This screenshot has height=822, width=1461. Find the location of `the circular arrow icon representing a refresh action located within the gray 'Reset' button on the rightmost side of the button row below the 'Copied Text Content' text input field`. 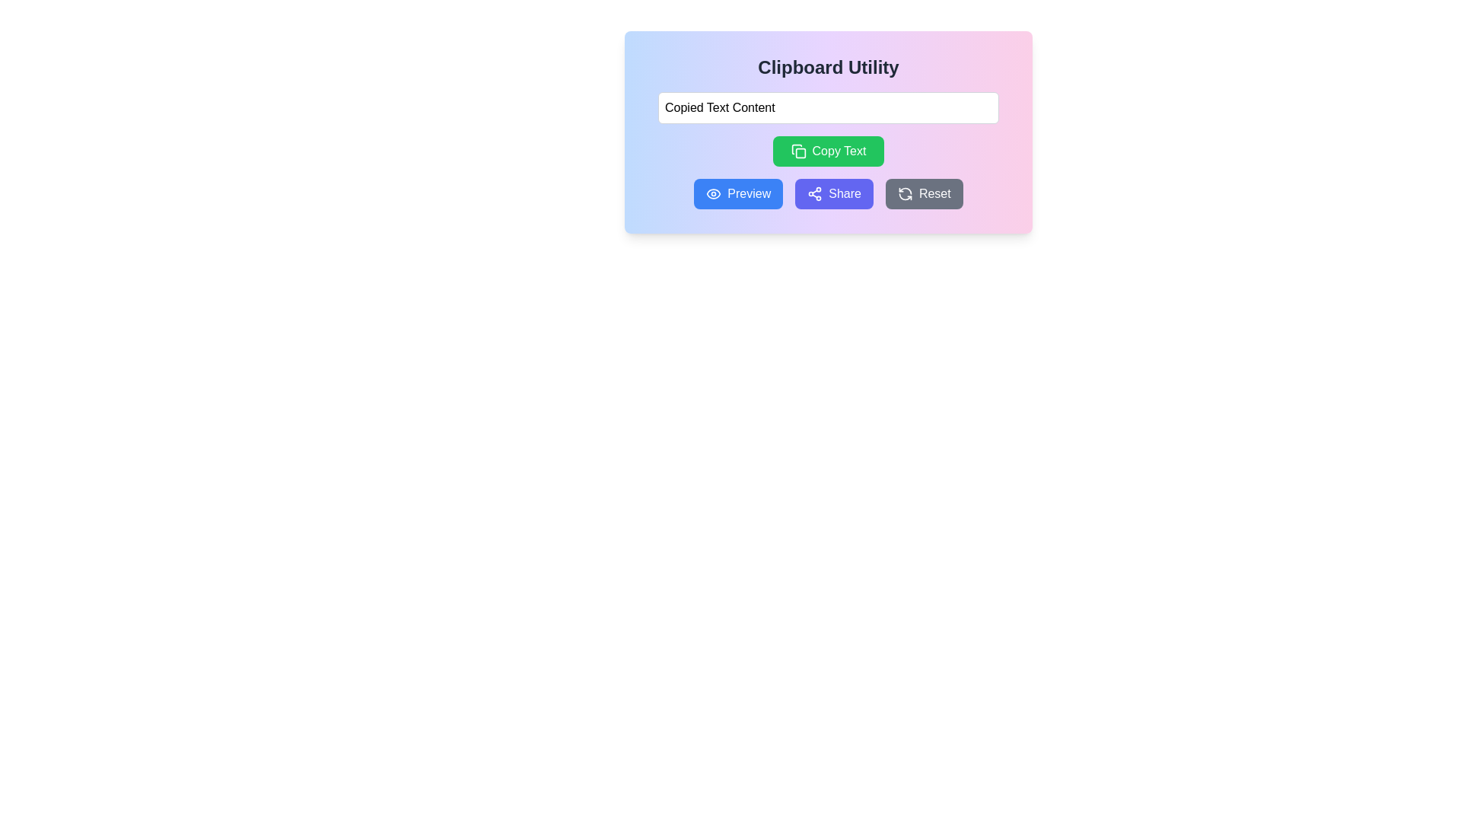

the circular arrow icon representing a refresh action located within the gray 'Reset' button on the rightmost side of the button row below the 'Copied Text Content' text input field is located at coordinates (905, 193).